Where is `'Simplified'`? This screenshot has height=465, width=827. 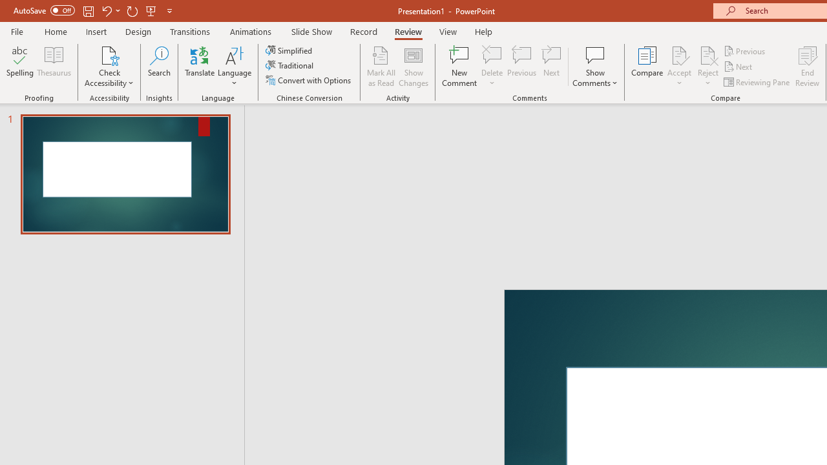 'Simplified' is located at coordinates (289, 50).